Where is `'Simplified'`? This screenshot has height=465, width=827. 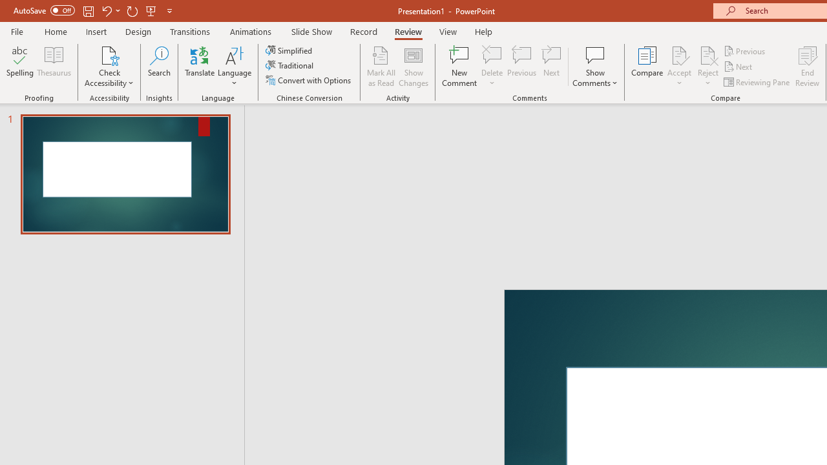 'Simplified' is located at coordinates (289, 50).